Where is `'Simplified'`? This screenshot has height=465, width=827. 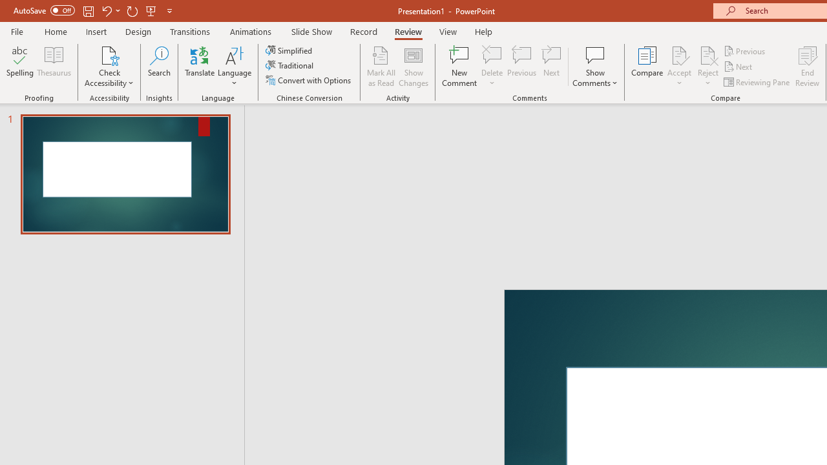 'Simplified' is located at coordinates (289, 50).